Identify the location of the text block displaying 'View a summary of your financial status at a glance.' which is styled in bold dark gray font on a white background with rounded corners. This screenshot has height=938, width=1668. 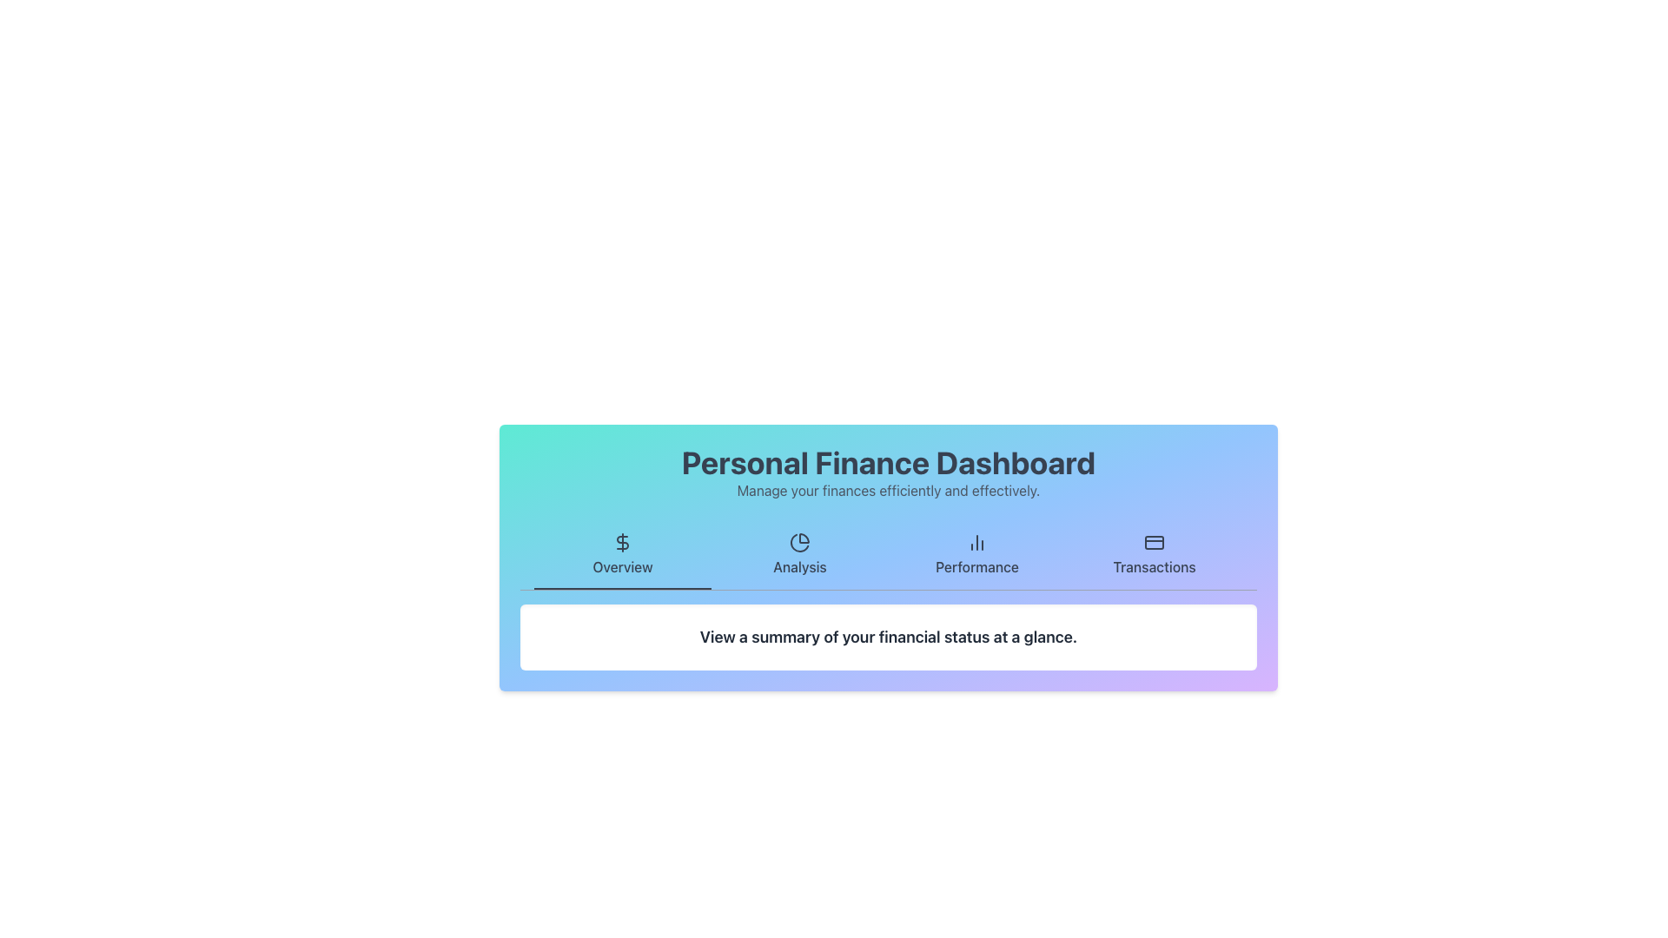
(888, 637).